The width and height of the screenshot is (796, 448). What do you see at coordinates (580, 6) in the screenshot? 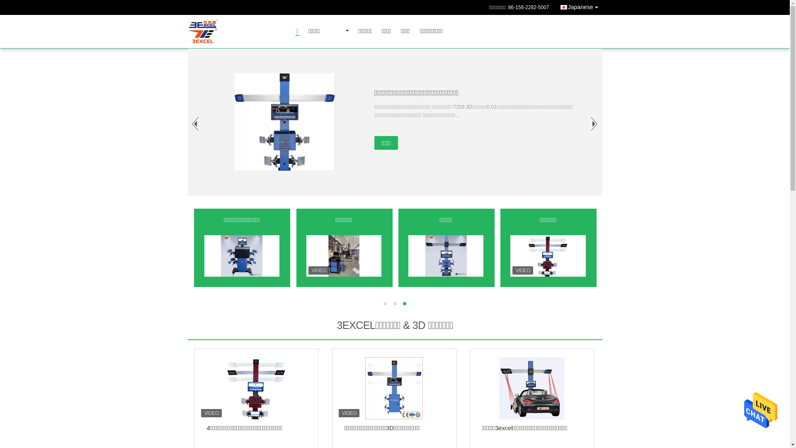
I see `'Japanese'` at bounding box center [580, 6].